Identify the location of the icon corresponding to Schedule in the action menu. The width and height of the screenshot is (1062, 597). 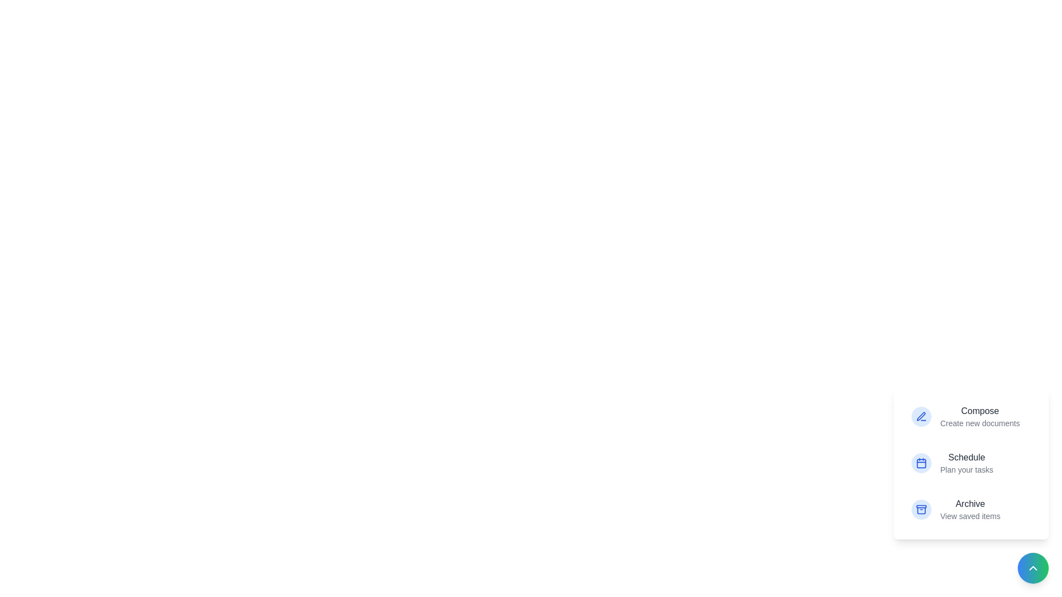
(921, 463).